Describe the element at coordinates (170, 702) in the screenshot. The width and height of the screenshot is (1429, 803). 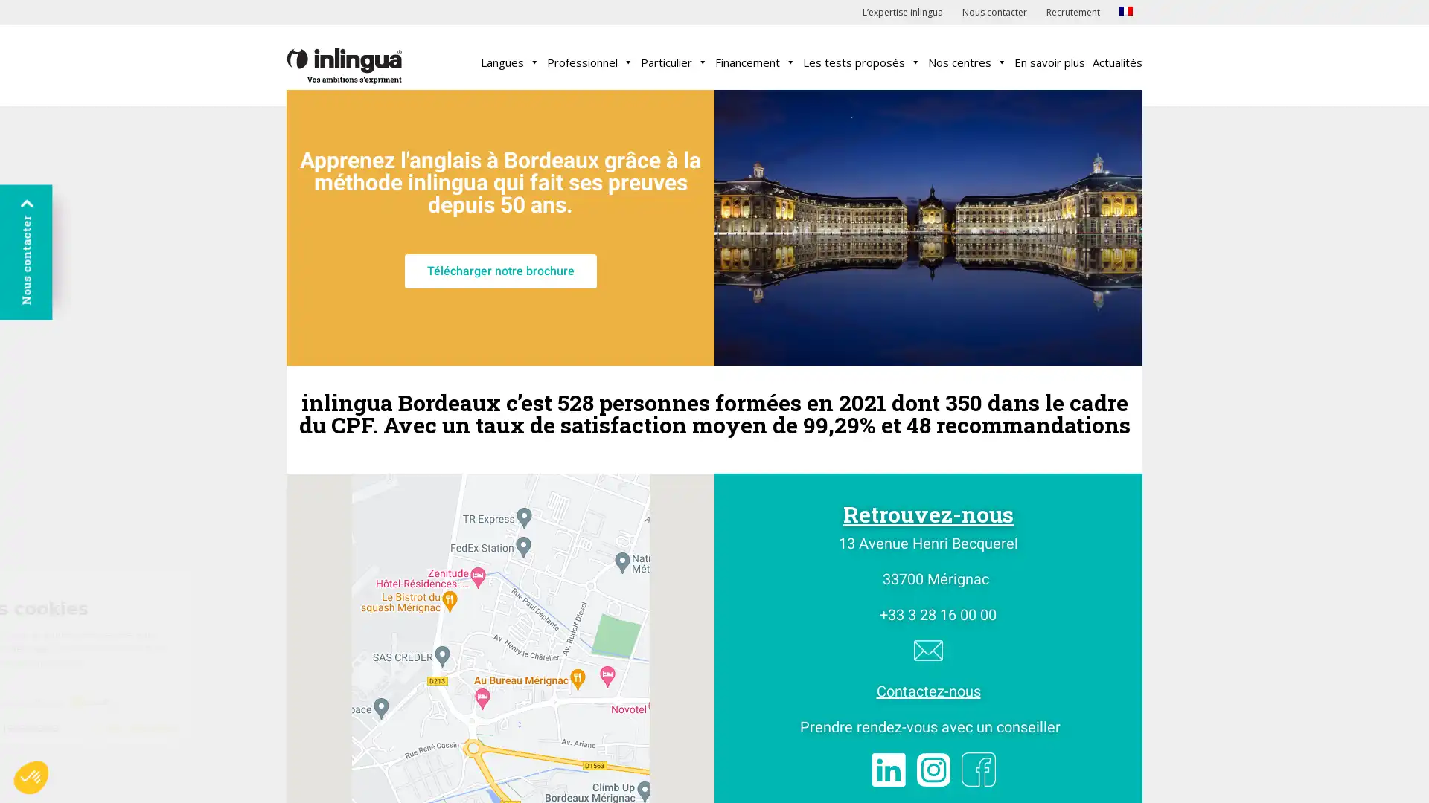
I see `Consentements certifies par` at that location.